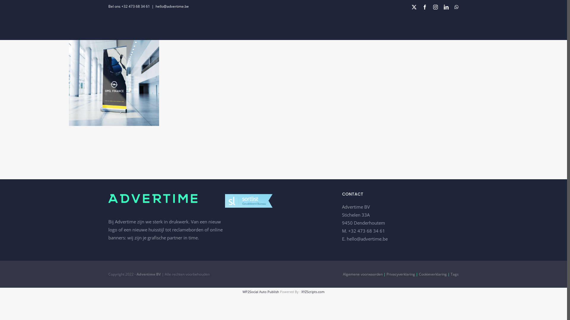 This screenshot has width=570, height=320. Describe the element at coordinates (343, 25) in the screenshot. I see `'KLANTEN'` at that location.